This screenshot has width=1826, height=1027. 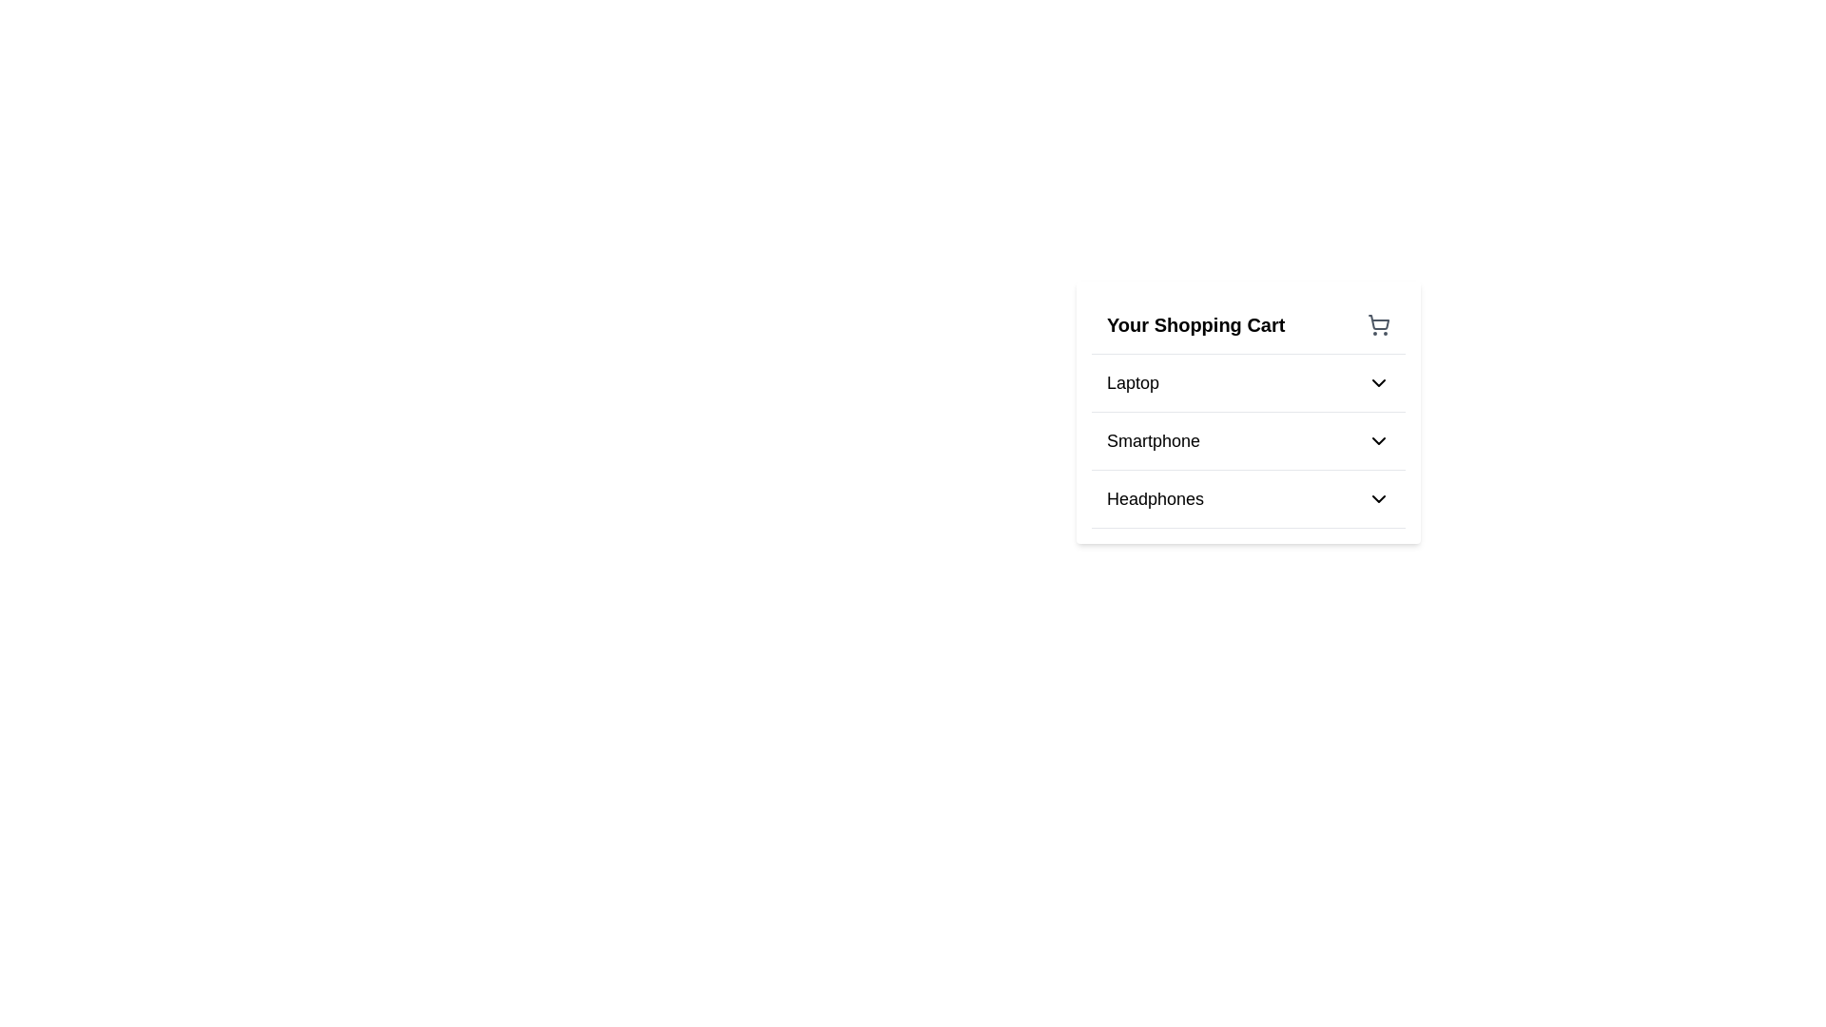 I want to click on the shopping cart icon, which is located in the upper-right corner of the 'Your Shopping Cart' section, featuring a minimalistic design with rounded lines, so click(x=1378, y=321).